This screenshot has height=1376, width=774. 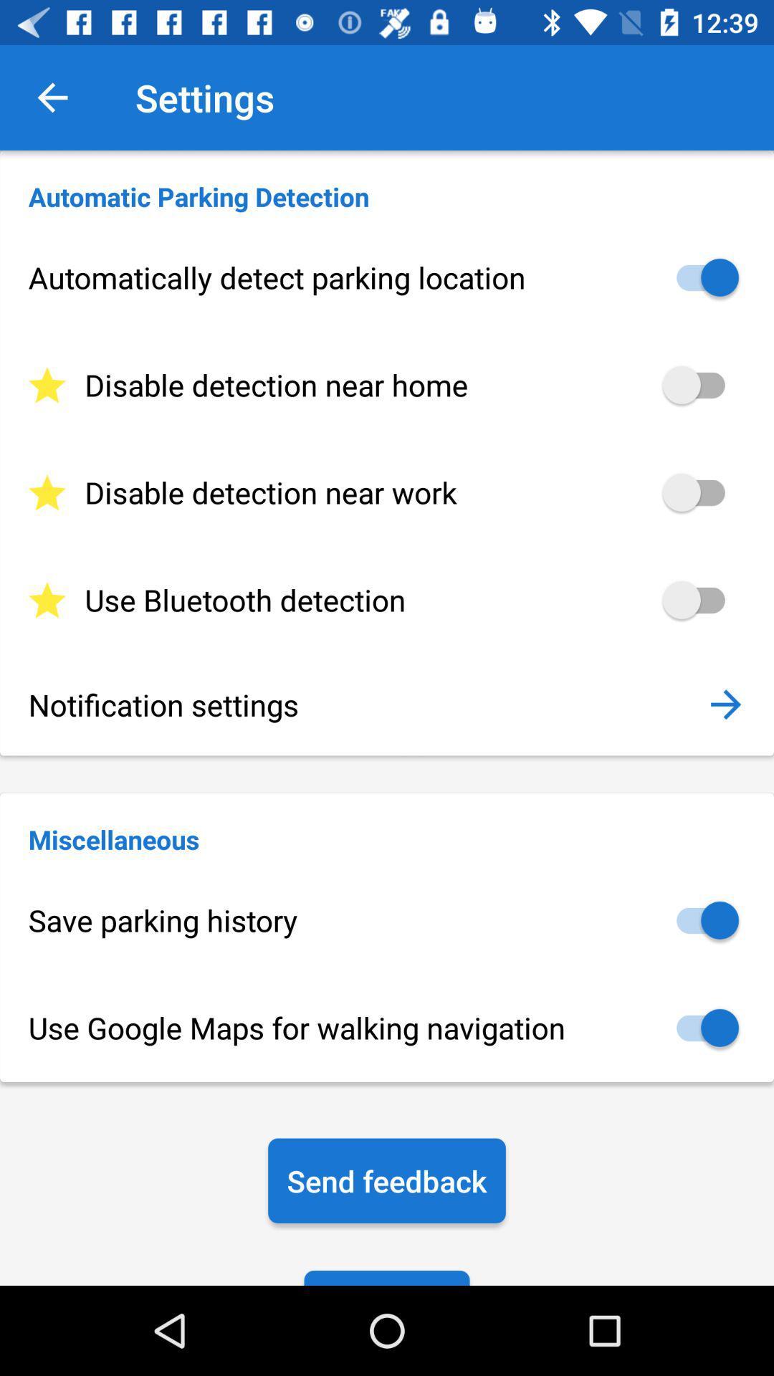 What do you see at coordinates (387, 1027) in the screenshot?
I see `icon below save parking history item` at bounding box center [387, 1027].